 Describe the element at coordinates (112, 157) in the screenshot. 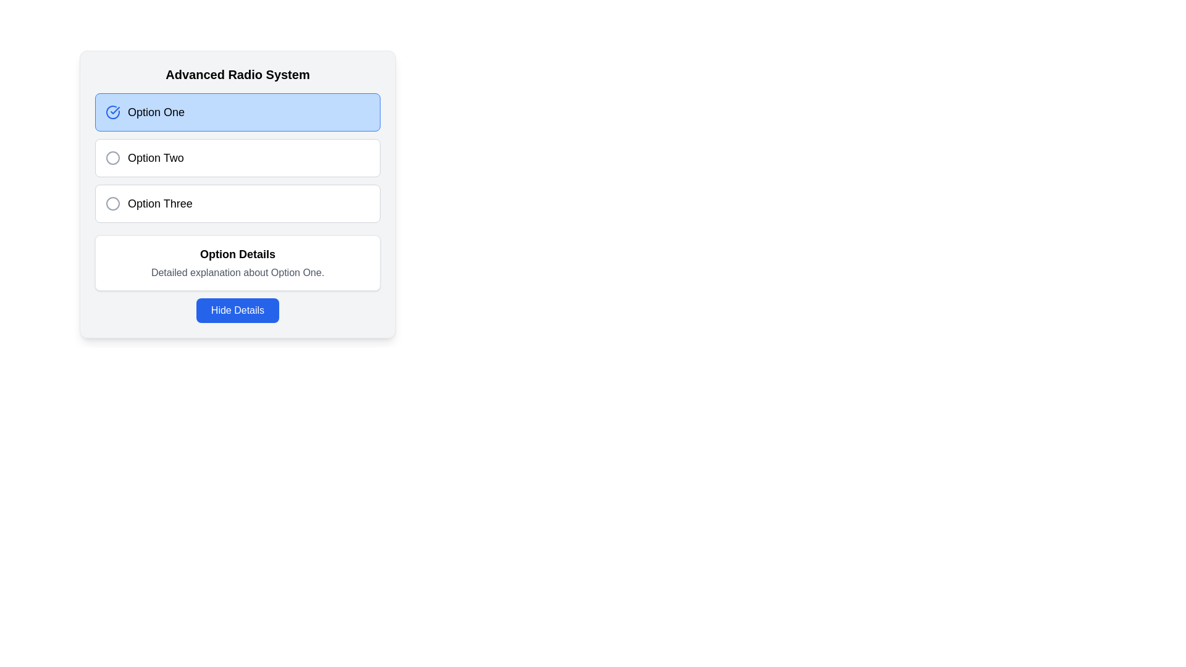

I see `the innermost circle of the radio button labeled 'Option Two'` at that location.